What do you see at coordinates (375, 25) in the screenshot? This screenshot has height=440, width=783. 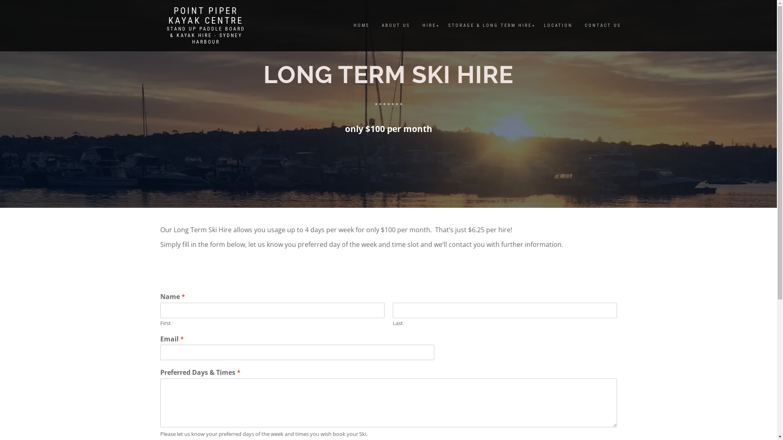 I see `'ABOUT US'` at bounding box center [375, 25].